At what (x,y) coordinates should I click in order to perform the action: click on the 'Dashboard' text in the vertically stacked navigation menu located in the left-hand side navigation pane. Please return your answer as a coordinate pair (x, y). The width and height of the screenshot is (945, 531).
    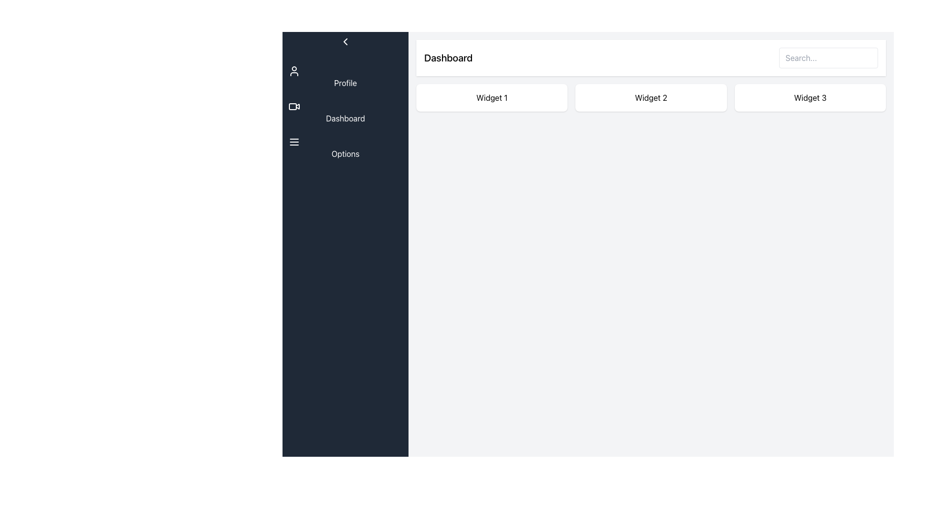
    Looking at the image, I should click on (345, 112).